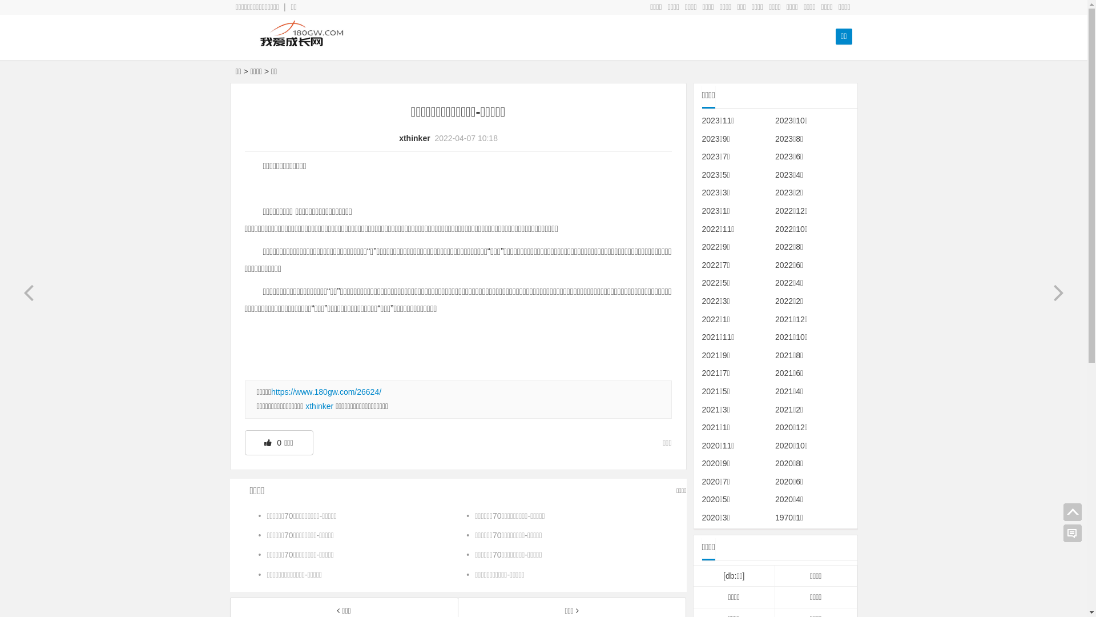 The width and height of the screenshot is (1096, 617). Describe the element at coordinates (413, 138) in the screenshot. I see `'xthinker'` at that location.